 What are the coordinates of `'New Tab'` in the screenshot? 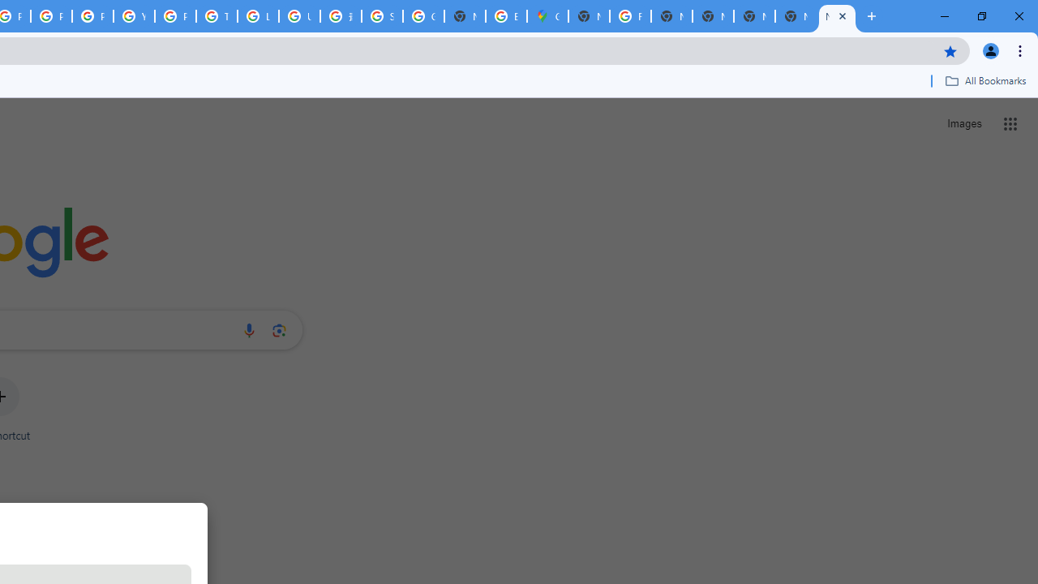 It's located at (837, 16).